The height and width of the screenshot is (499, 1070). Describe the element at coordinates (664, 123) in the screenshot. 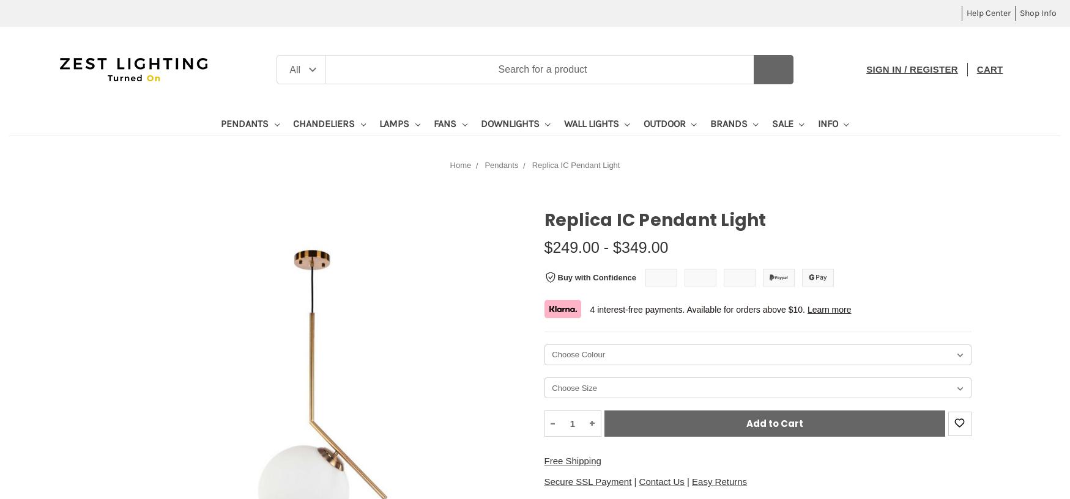

I see `'Outdoor'` at that location.